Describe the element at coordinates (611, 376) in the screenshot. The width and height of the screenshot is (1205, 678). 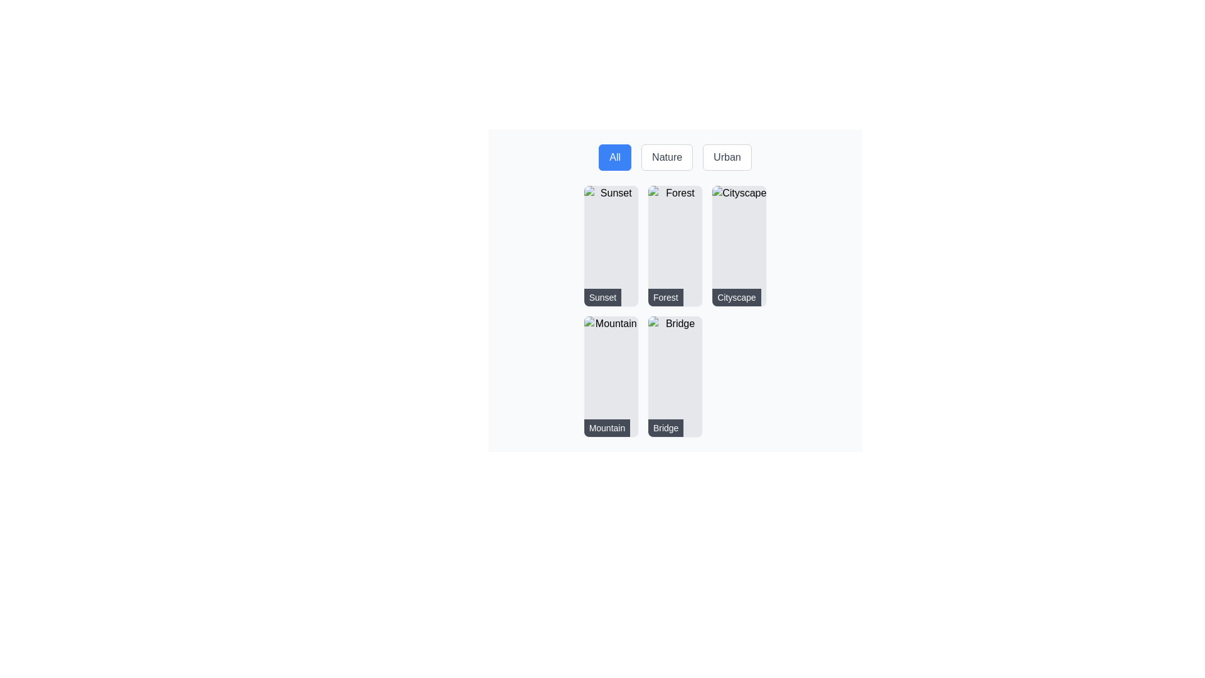
I see `the 'Mountain' card component located in the second row, first column of the grid layout` at that location.